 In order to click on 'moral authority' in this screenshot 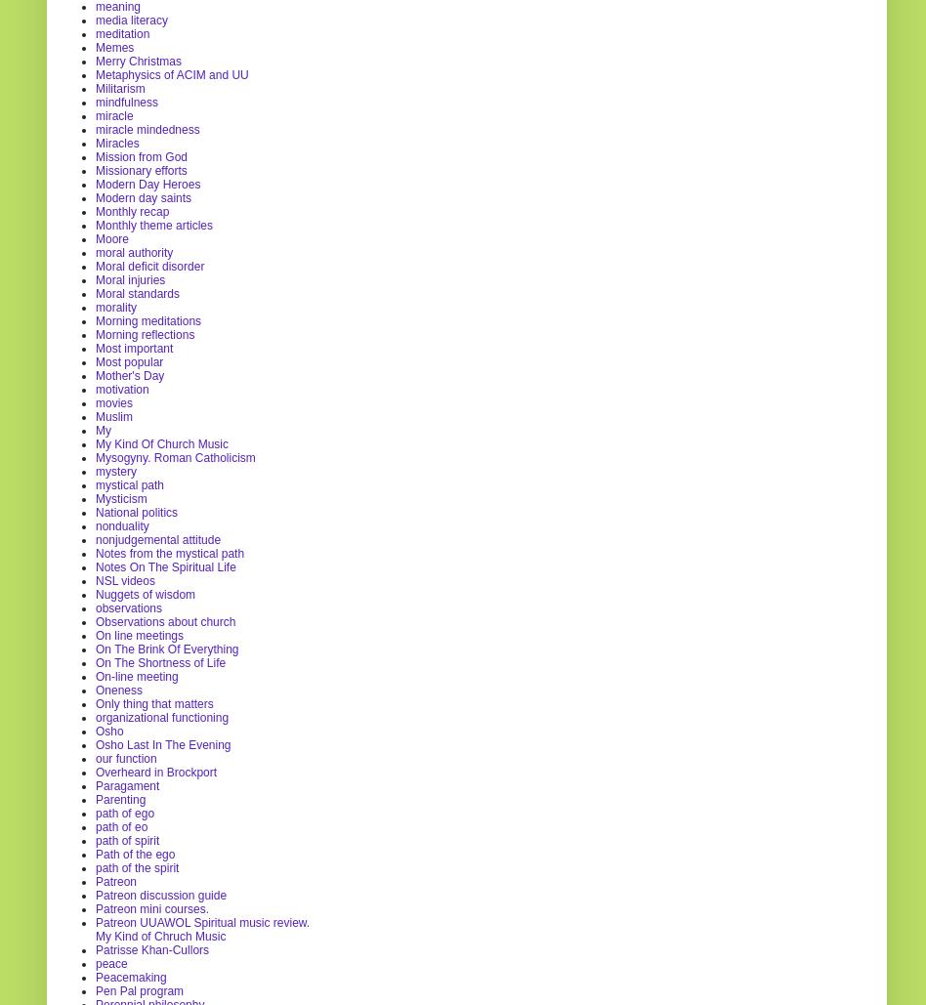, I will do `click(96, 250)`.